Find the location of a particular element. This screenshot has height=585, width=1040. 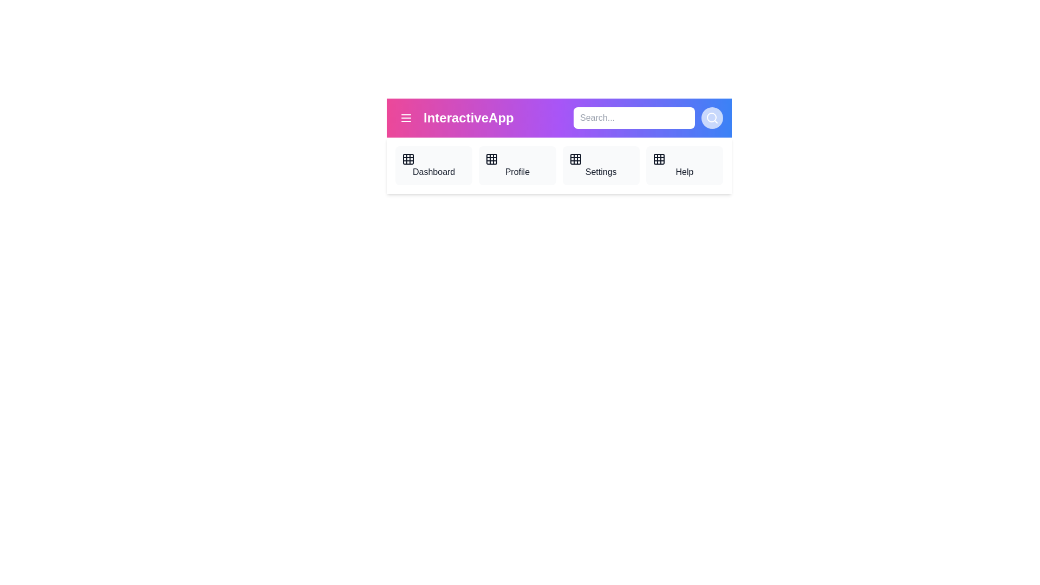

the navigation item Settings from the AppBar is located at coordinates (600, 165).